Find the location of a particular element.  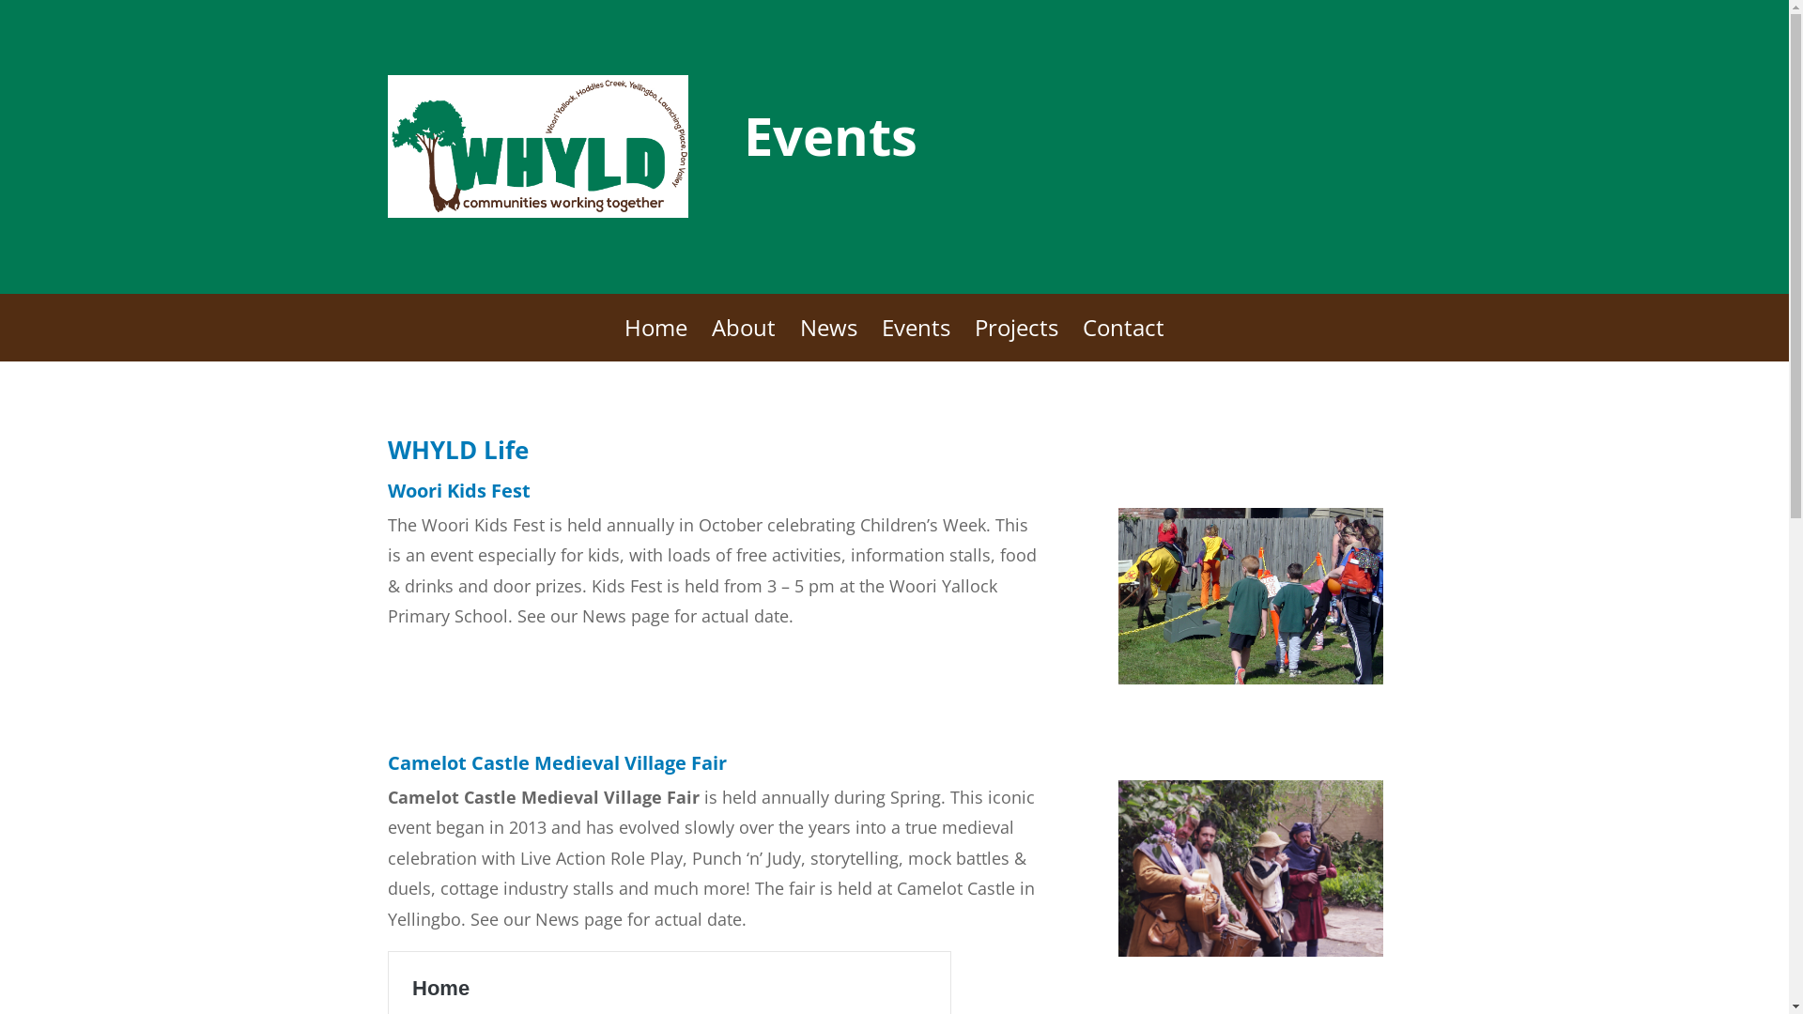

'Home' is located at coordinates (624, 341).